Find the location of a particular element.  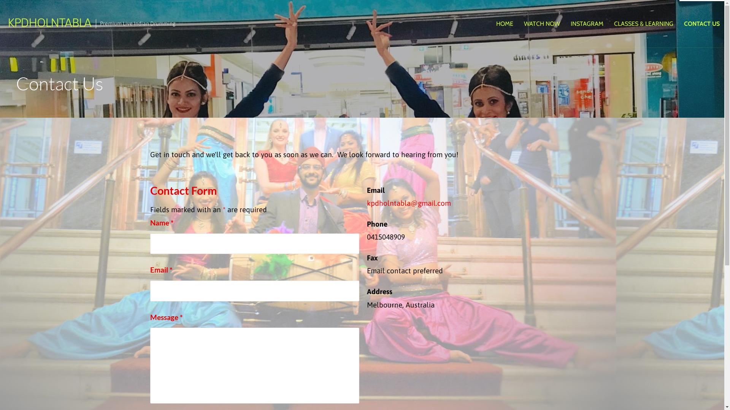

'INSTAGRAM' is located at coordinates (566, 23).